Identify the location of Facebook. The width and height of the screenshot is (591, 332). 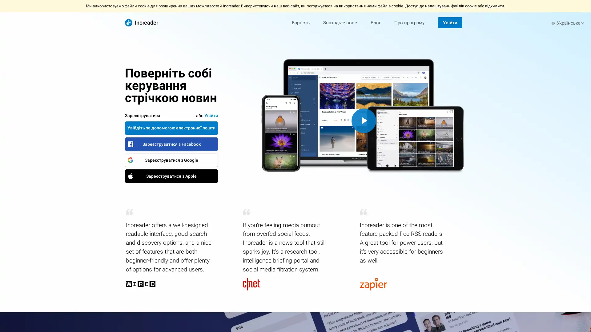
(171, 144).